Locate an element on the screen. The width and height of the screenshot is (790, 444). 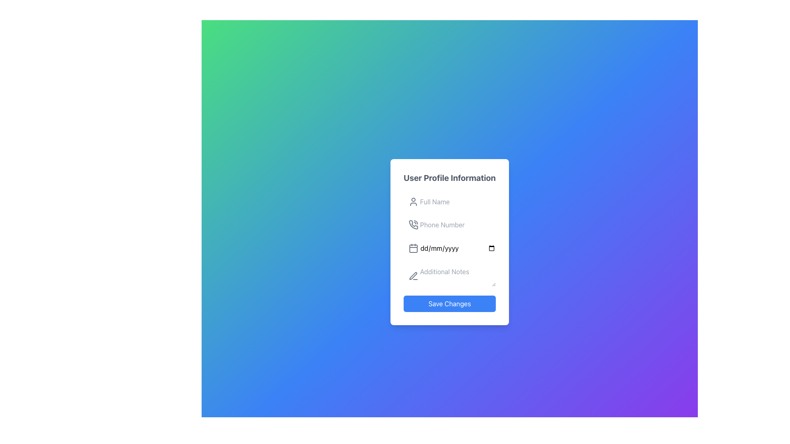
the gray pen icon located to the left of the 'Additional Notes' field label, which is styled as an SVG with rounded corners and a thin stroke width is located at coordinates (413, 276).